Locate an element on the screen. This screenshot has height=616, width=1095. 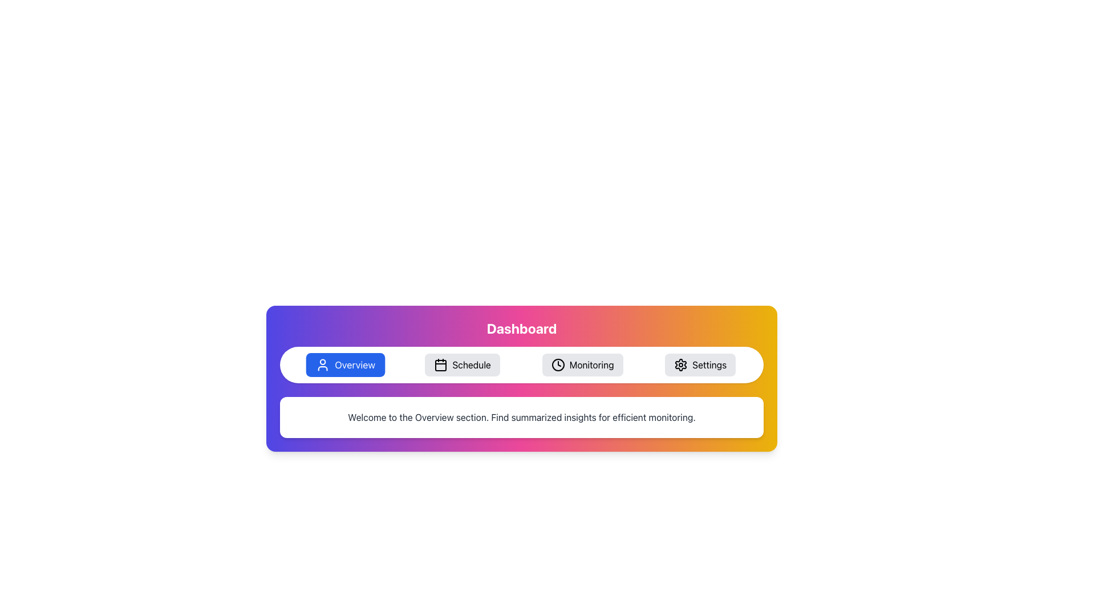
the settings icon resembling a cog or gear located at the far-right of the navigation bar is located at coordinates (681, 365).